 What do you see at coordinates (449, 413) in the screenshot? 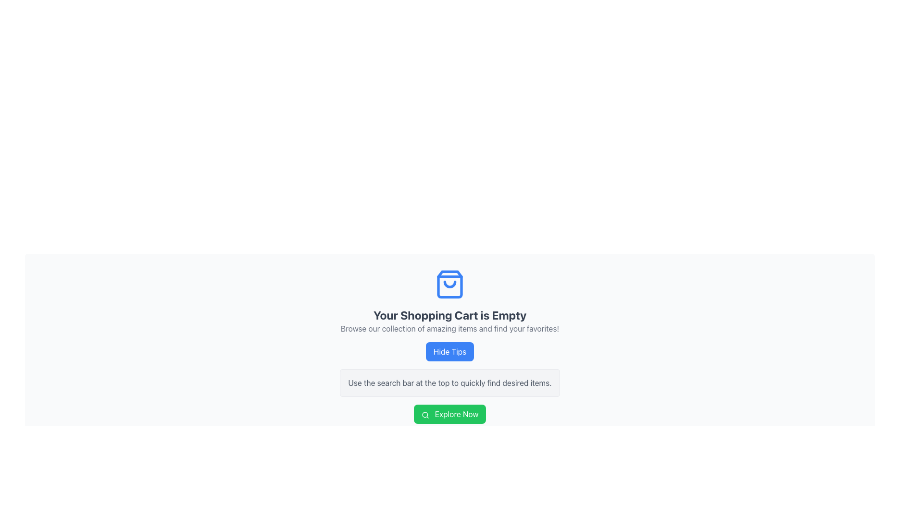
I see `the green rectangular button labeled 'Explore Now' with a magnifying glass icon for keyboard interaction` at bounding box center [449, 413].